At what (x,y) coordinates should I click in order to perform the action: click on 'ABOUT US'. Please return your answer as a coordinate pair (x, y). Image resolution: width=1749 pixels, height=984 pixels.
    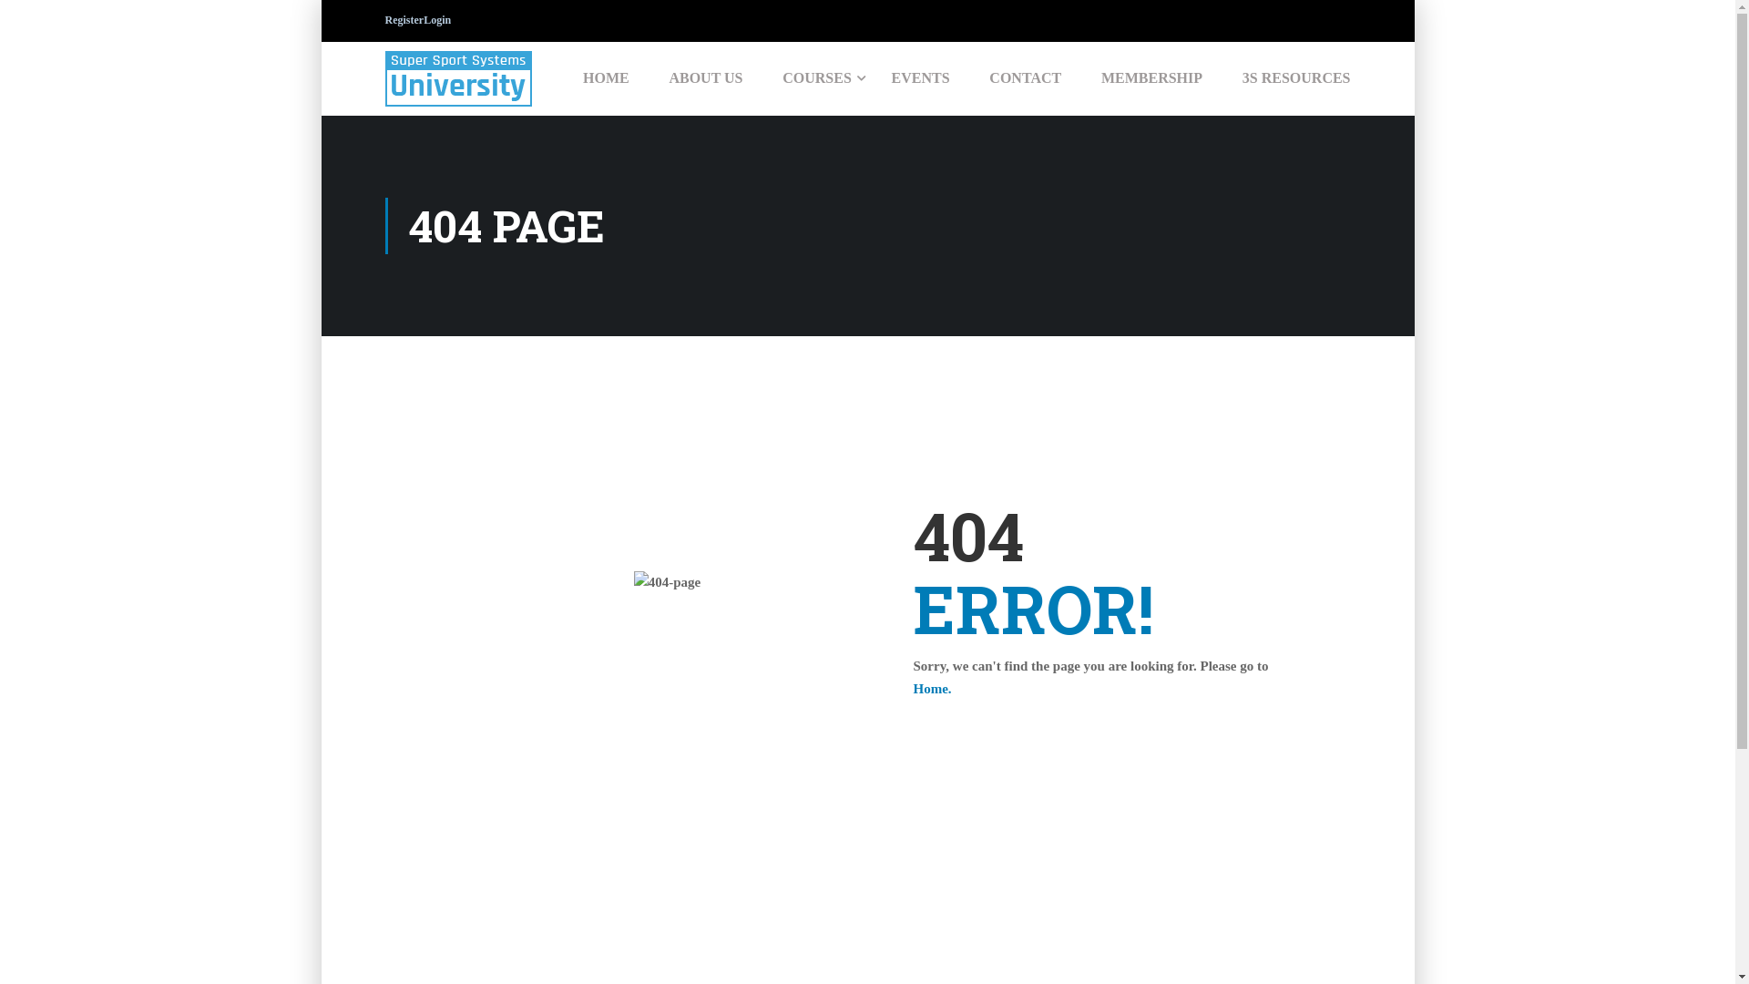
    Looking at the image, I should click on (704, 77).